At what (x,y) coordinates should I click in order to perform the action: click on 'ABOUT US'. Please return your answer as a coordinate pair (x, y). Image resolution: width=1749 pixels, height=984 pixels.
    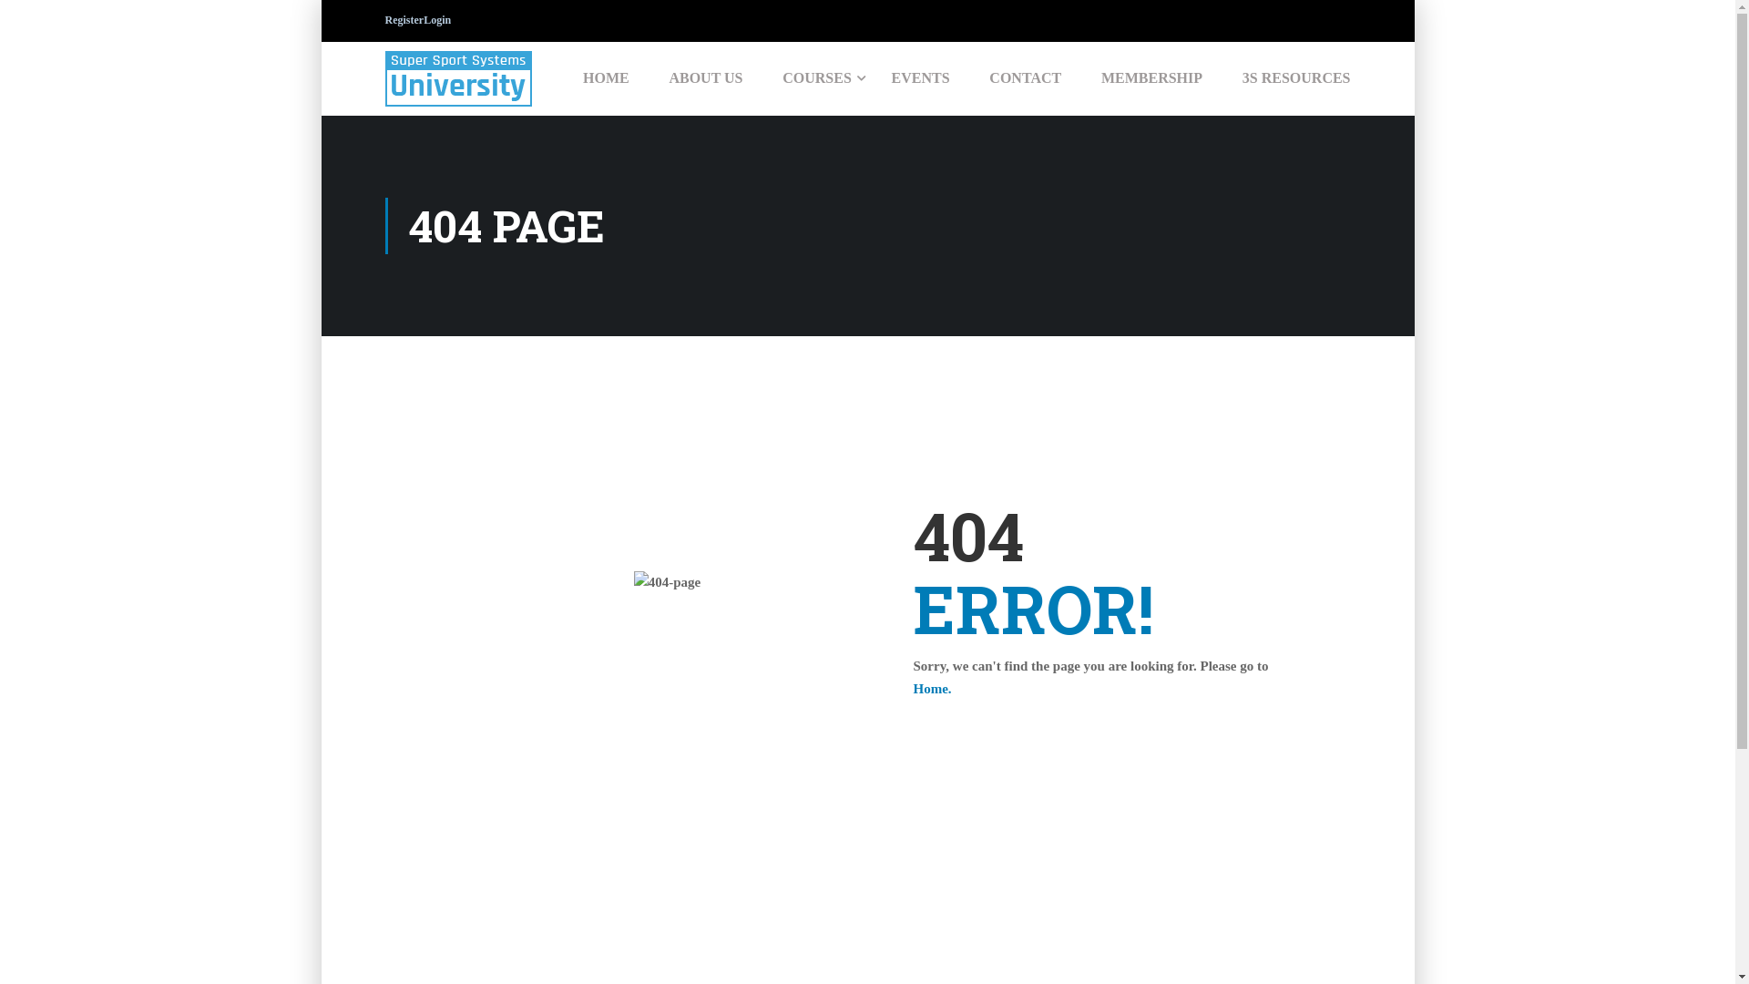
    Looking at the image, I should click on (704, 77).